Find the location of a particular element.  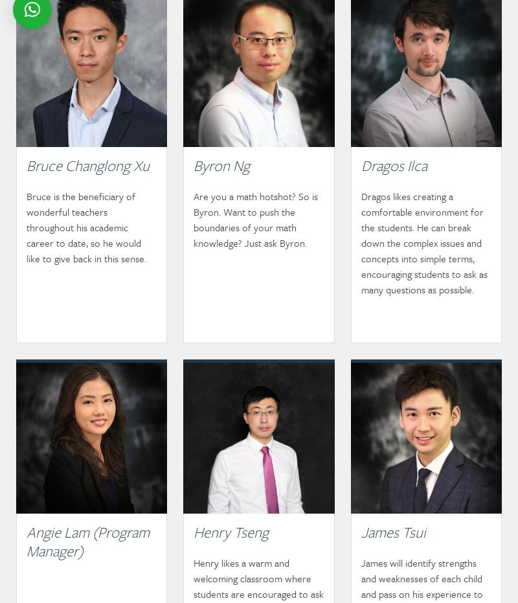

'Henry Tseng' is located at coordinates (231, 531).